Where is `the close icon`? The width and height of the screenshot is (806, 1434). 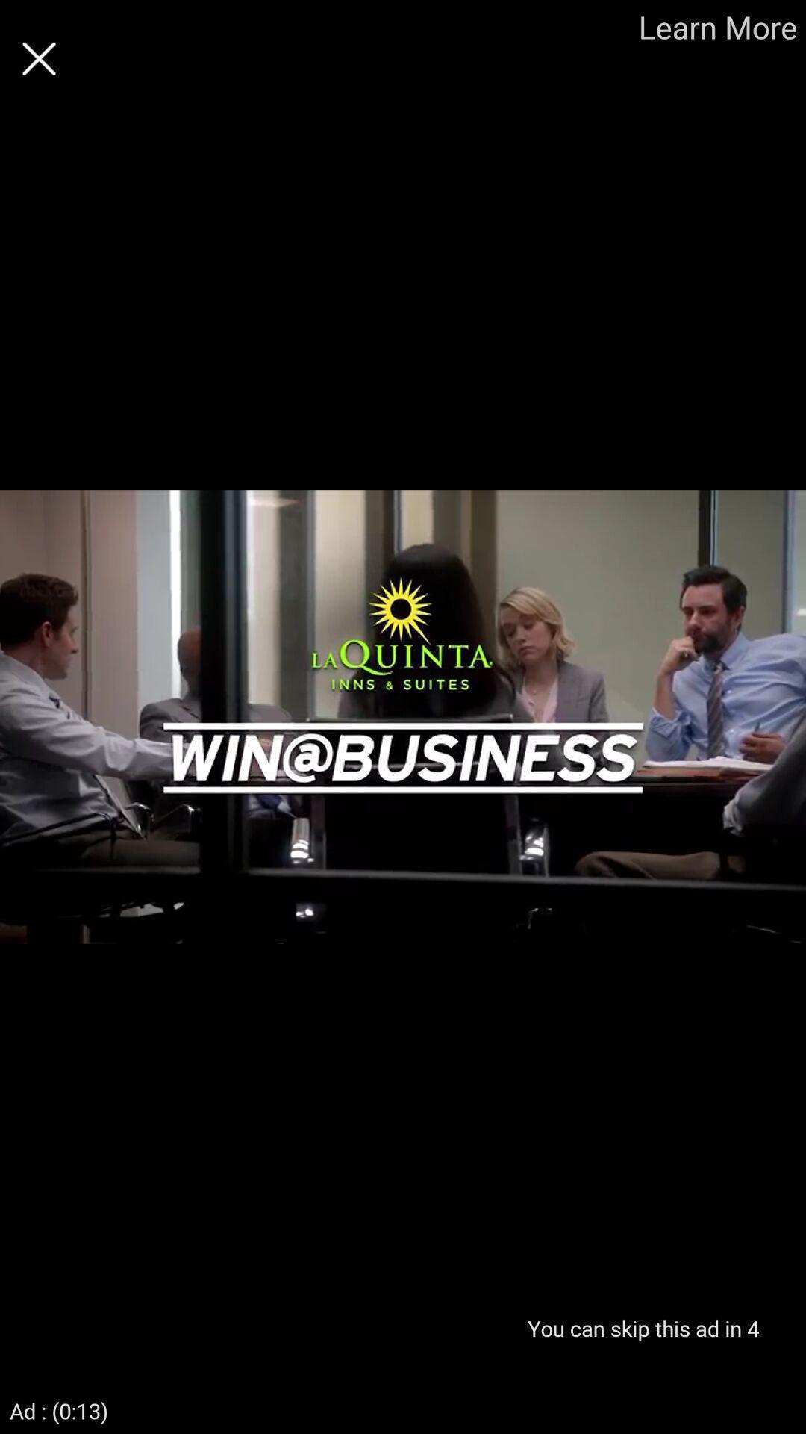 the close icon is located at coordinates (38, 58).